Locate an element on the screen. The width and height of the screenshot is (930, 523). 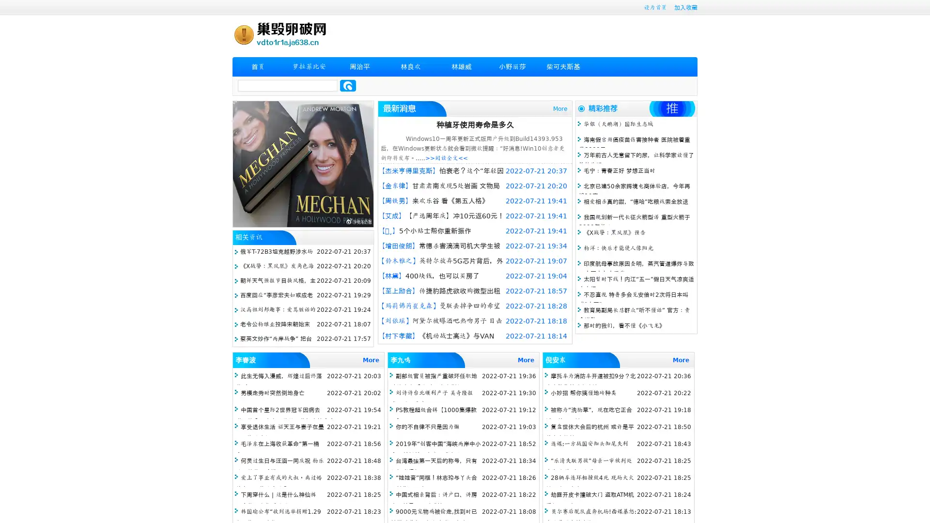
Search is located at coordinates (348, 85).